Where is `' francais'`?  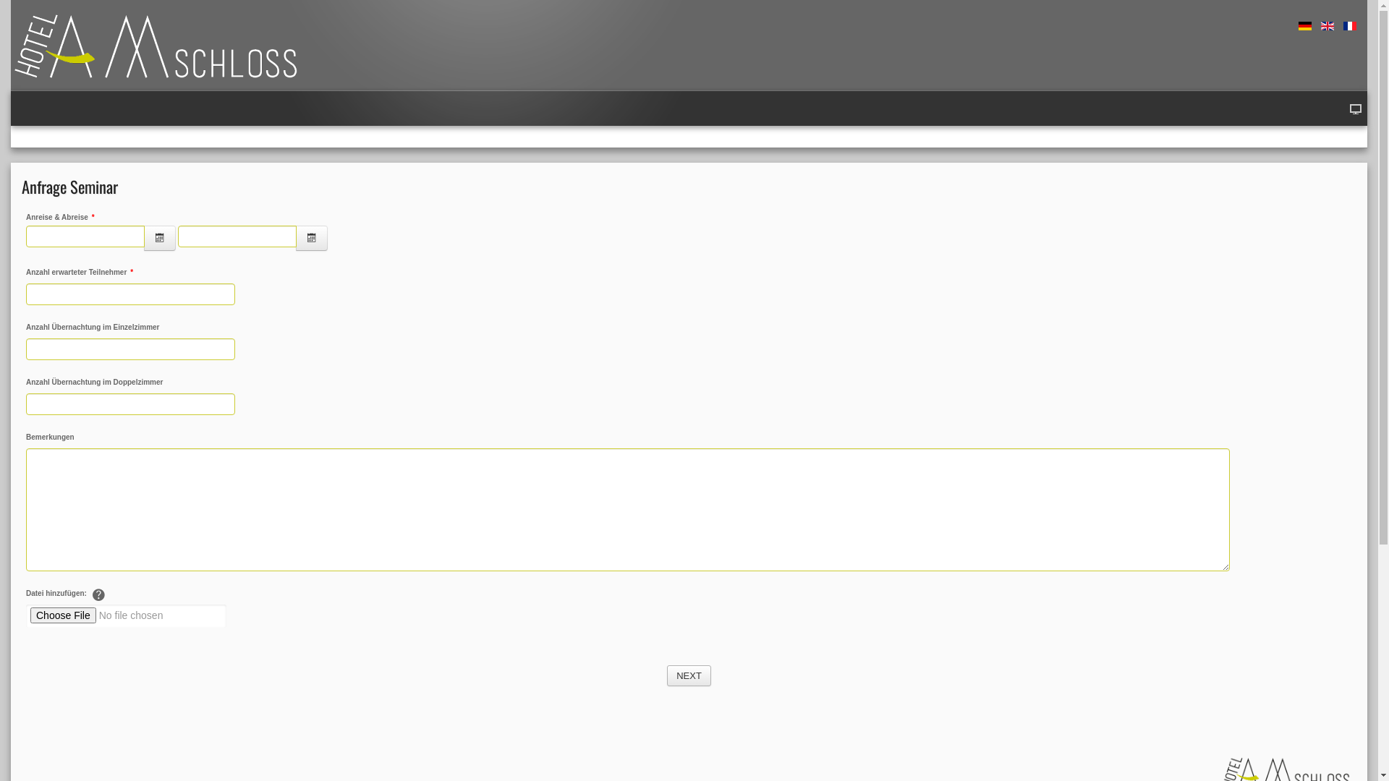 ' francais' is located at coordinates (1349, 25).